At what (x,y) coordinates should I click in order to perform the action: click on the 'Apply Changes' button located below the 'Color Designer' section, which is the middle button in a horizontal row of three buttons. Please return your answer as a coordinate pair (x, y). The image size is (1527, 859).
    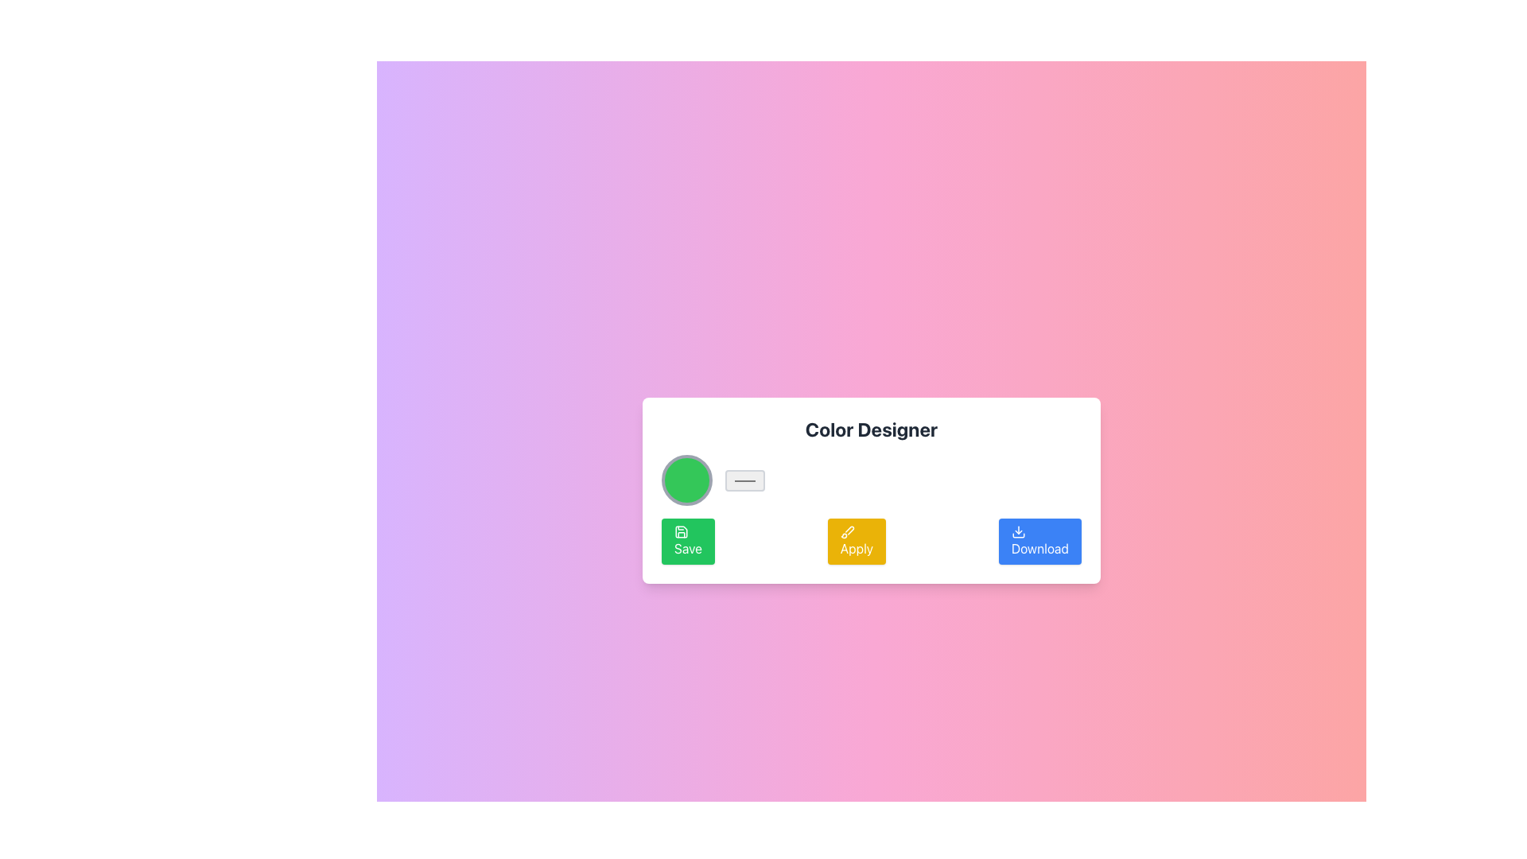
    Looking at the image, I should click on (870, 541).